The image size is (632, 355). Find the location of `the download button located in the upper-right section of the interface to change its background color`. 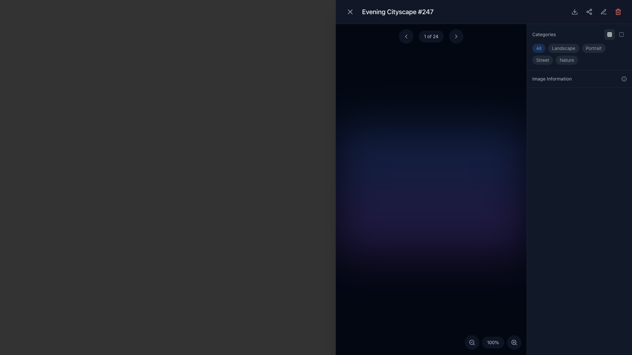

the download button located in the upper-right section of the interface to change its background color is located at coordinates (574, 12).